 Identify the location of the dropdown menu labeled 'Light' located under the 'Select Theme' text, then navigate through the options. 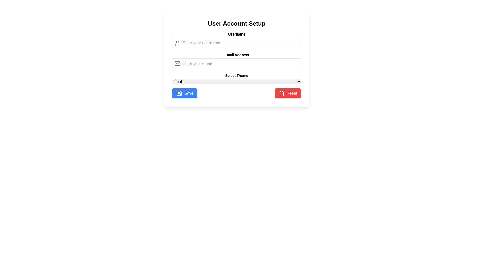
(236, 81).